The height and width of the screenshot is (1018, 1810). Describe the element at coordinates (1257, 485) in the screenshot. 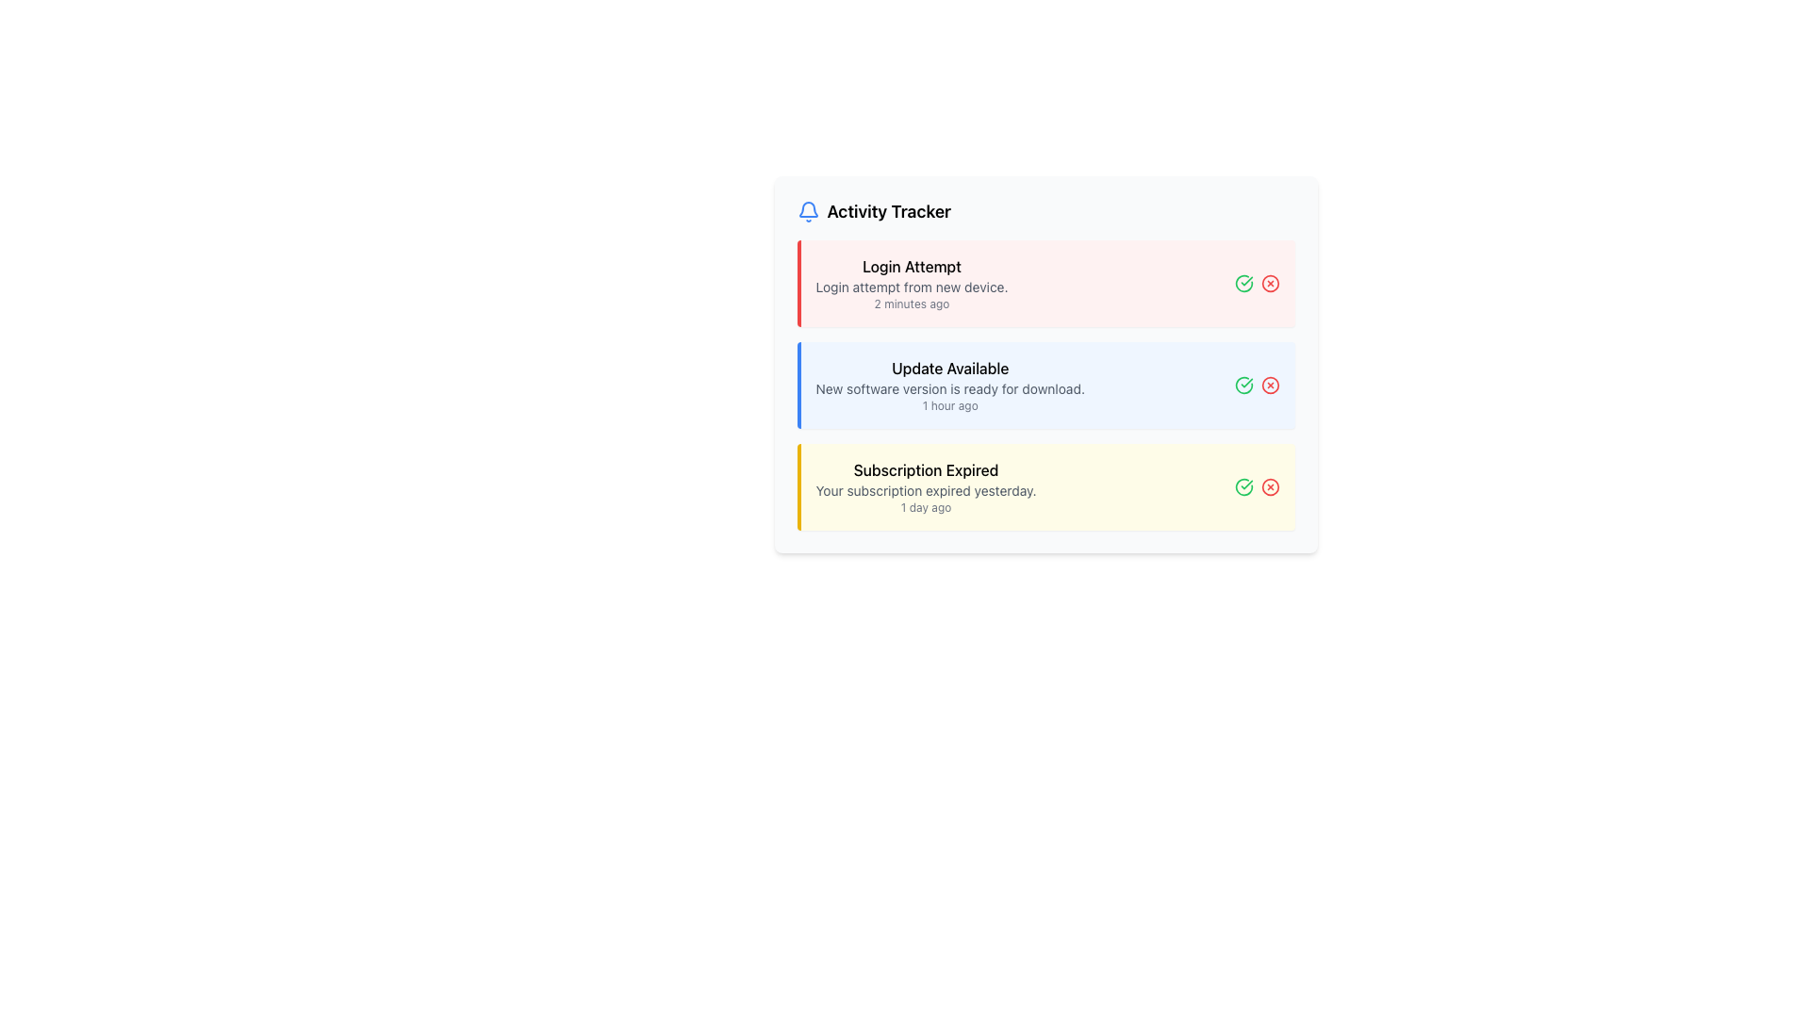

I see `the green checkmark icon in the Icon button group to confirm the action related to the 'Subscription Expired' notification` at that location.